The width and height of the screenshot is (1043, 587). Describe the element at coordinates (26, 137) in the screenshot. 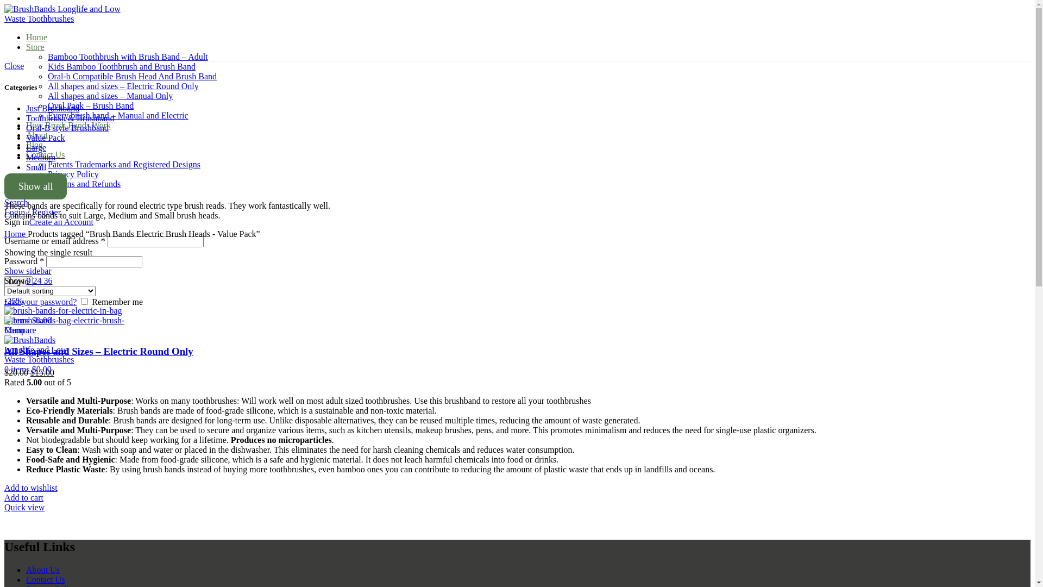

I see `'Value Pack'` at that location.